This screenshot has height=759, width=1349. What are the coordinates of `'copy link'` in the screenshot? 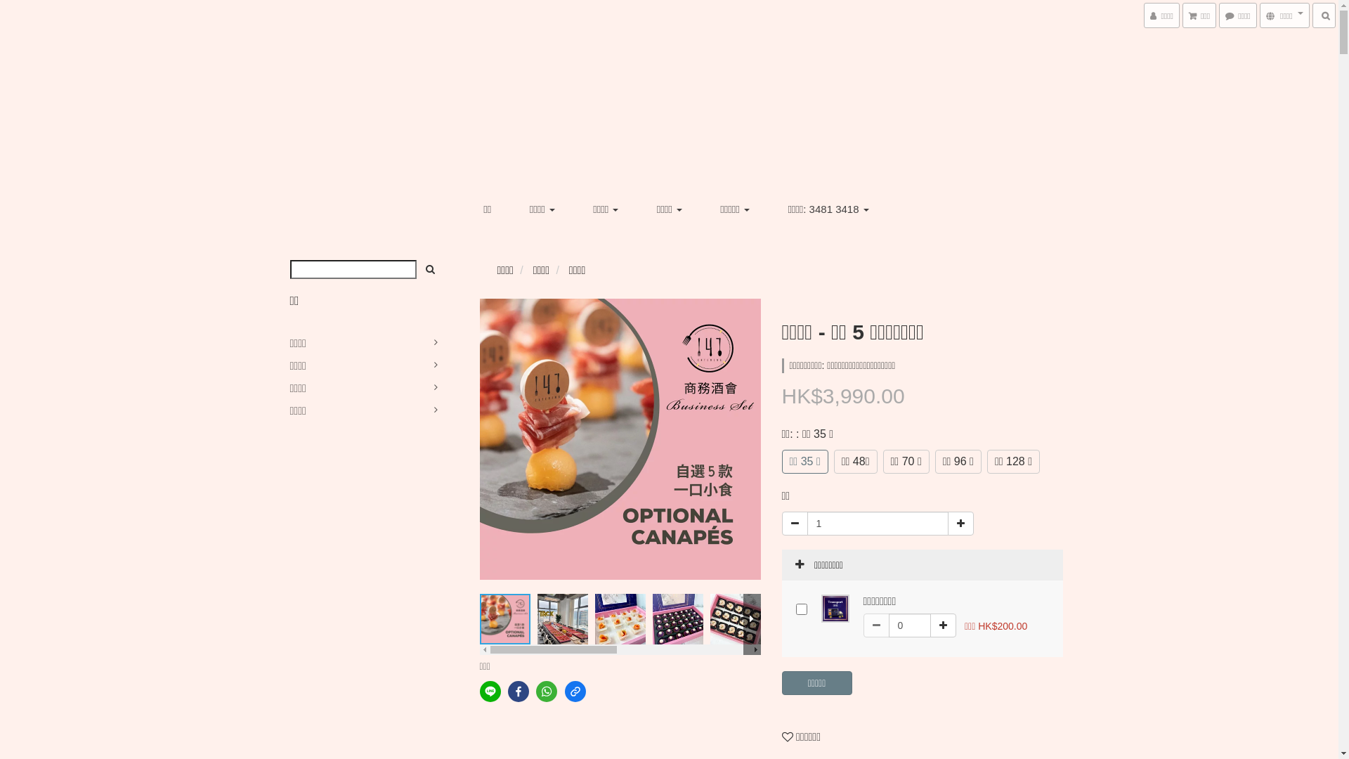 It's located at (575, 690).